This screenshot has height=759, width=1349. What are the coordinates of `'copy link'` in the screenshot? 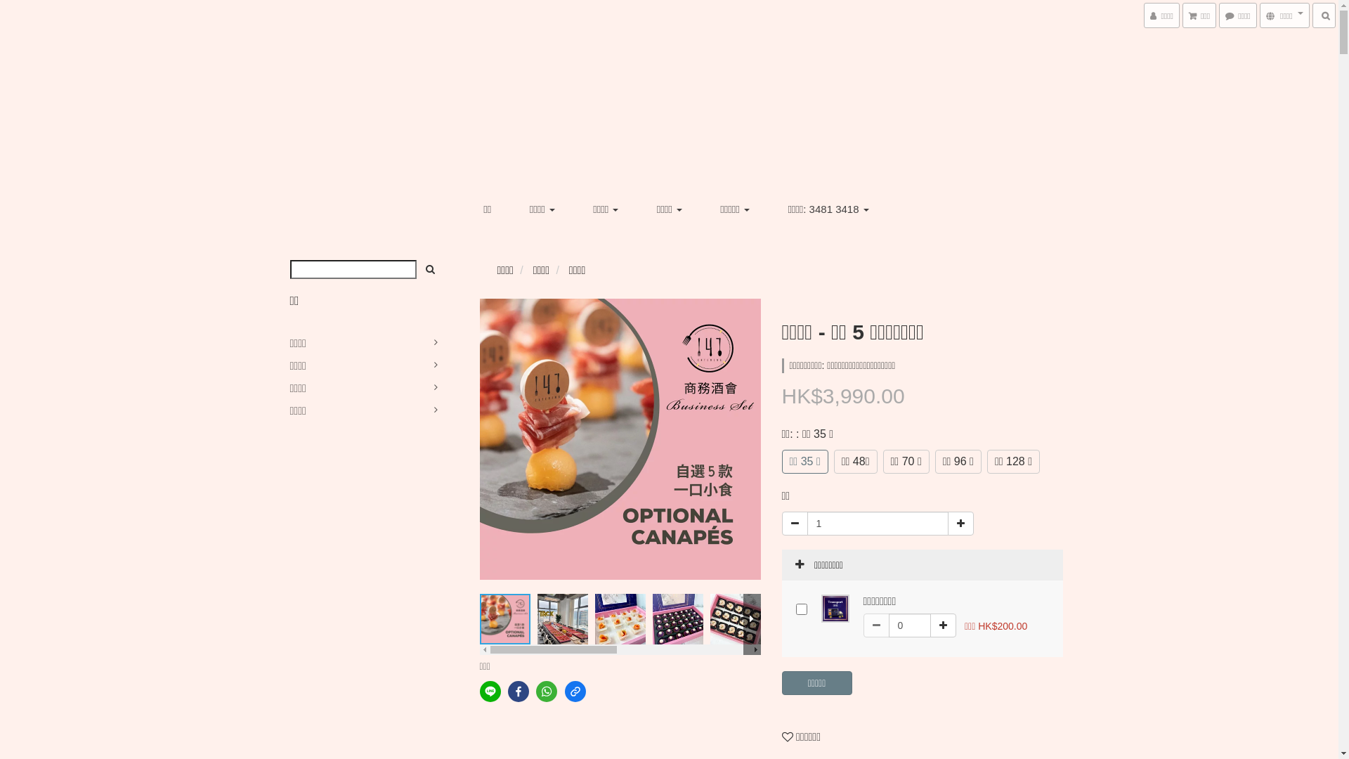 It's located at (575, 690).